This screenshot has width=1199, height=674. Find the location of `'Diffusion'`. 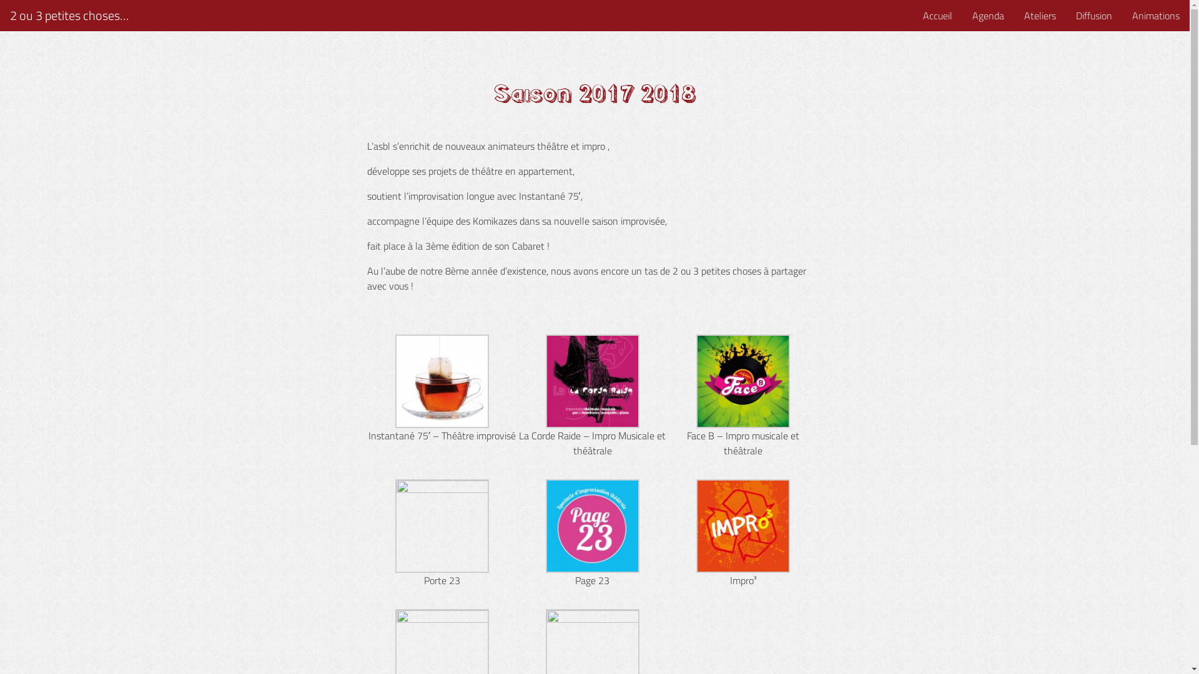

'Diffusion' is located at coordinates (1065, 15).